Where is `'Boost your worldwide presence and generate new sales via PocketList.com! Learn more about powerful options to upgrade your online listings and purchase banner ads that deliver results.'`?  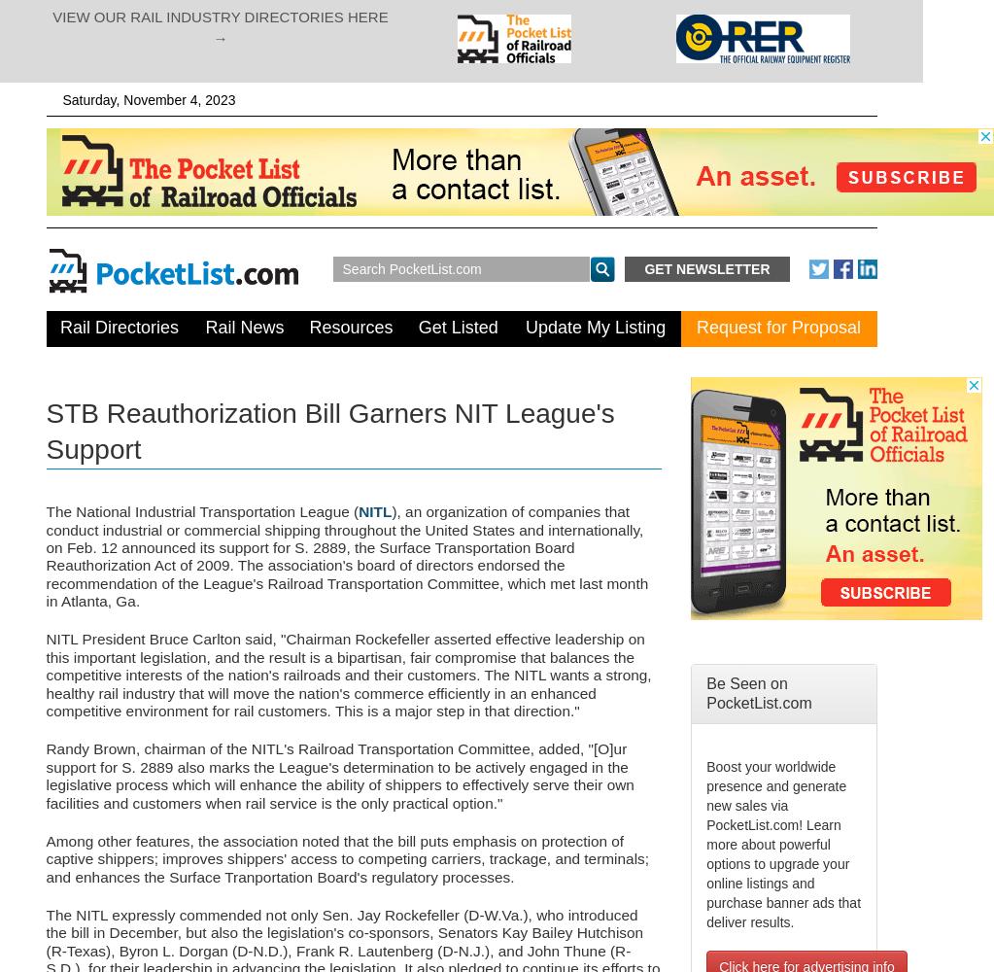 'Boost your worldwide presence and generate new sales via PocketList.com! Learn more about powerful options to upgrade your online listings and purchase banner ads that deliver results.' is located at coordinates (706, 843).